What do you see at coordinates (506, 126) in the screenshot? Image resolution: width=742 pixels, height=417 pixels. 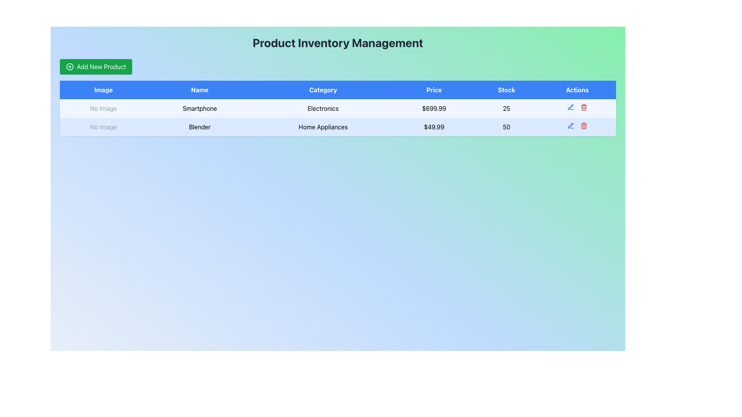 I see `the text label displaying the number '50' in the 'Stock' column of the table, which is visually distinct in a light blue cell` at bounding box center [506, 126].